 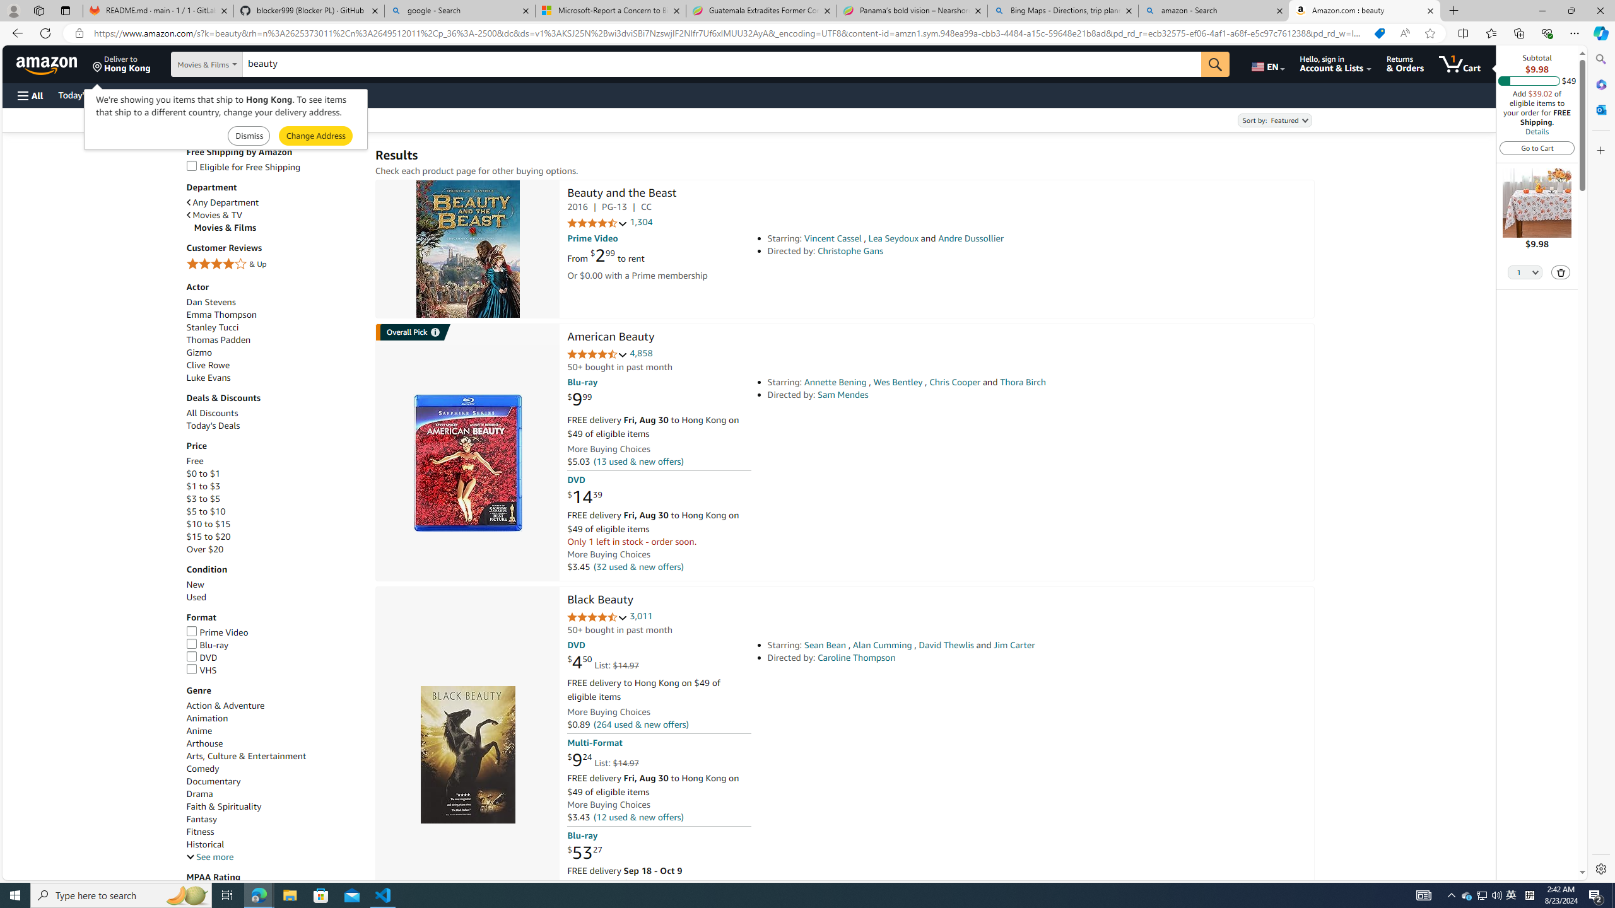 I want to click on 'Eligible for Free Shipping', so click(x=274, y=166).